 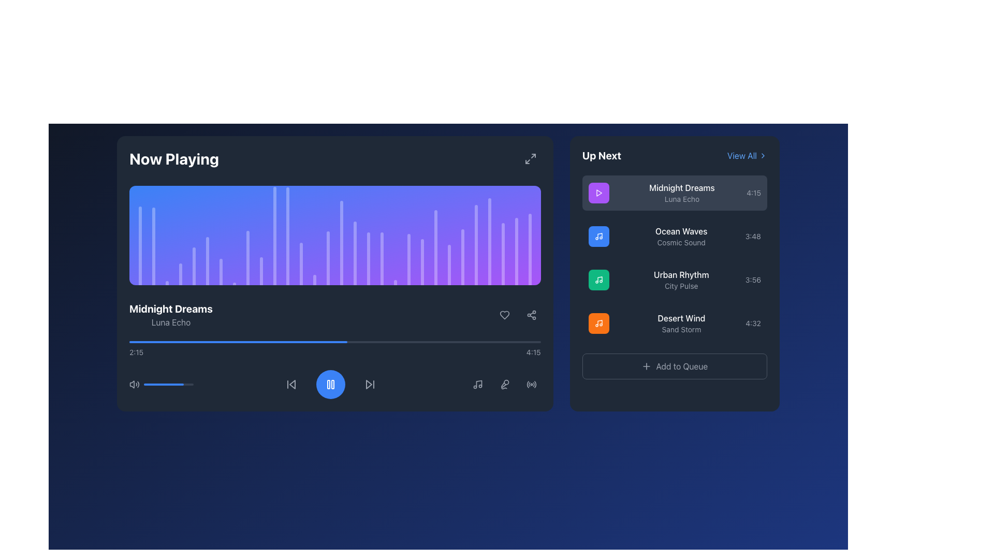 I want to click on the 'favorite' icon button located in the 'Now Playing' section at the bottom right corner to mark the currently playing track as liked, so click(x=504, y=315).